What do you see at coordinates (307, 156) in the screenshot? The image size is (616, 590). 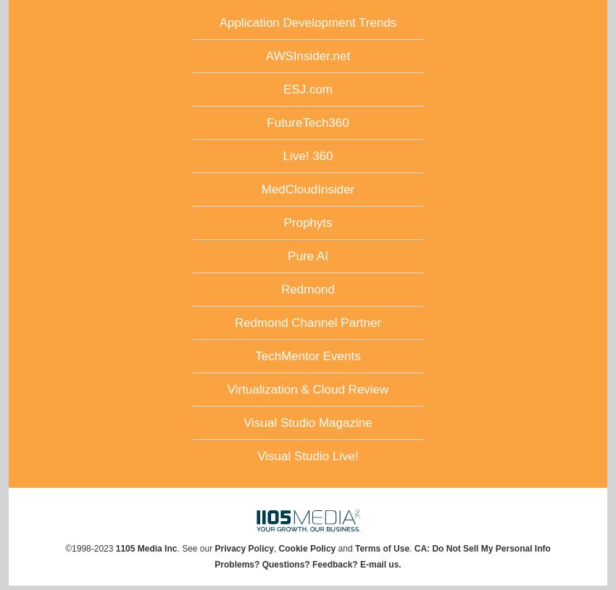 I see `'Live! 360'` at bounding box center [307, 156].